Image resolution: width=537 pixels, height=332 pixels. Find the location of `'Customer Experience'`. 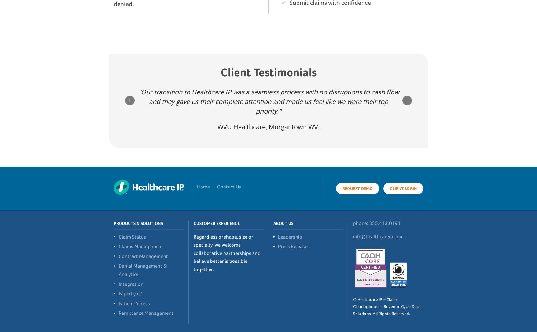

'Customer Experience' is located at coordinates (217, 223).